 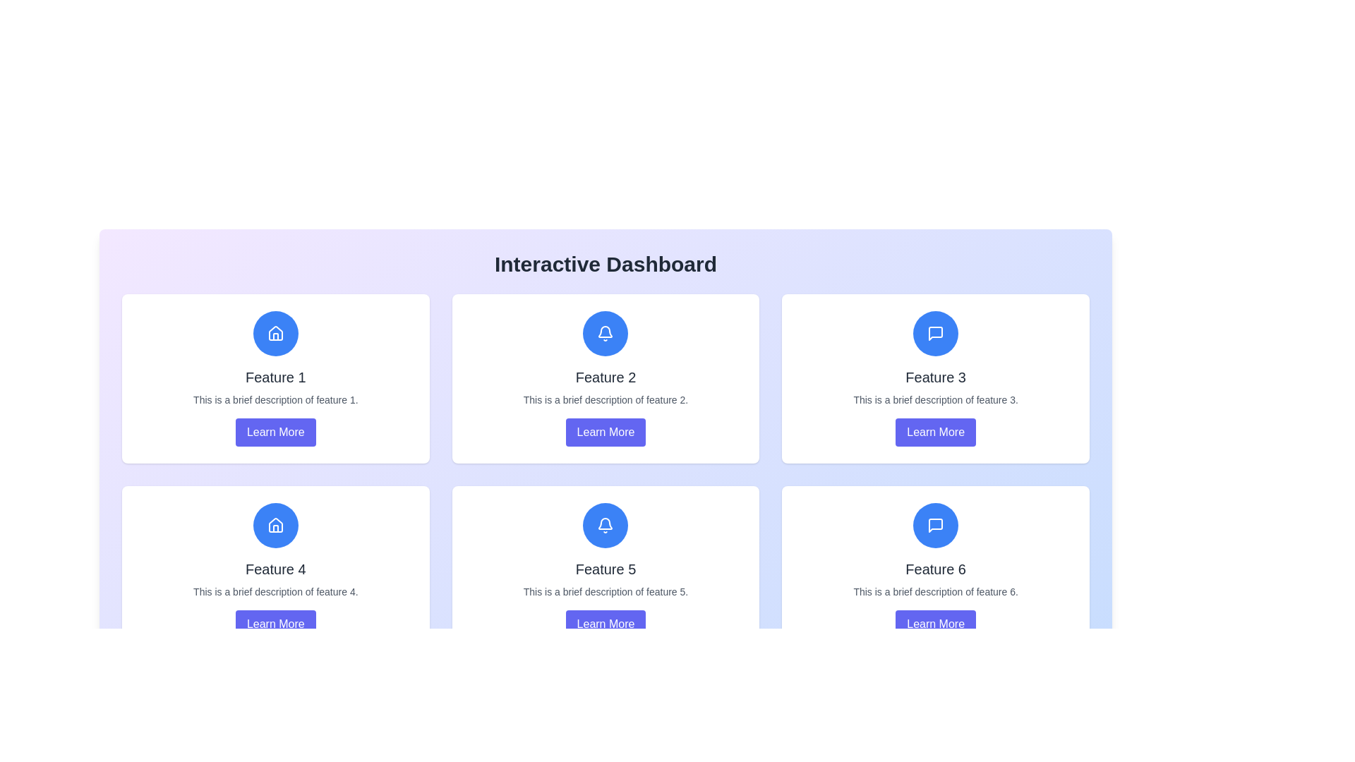 I want to click on descriptive text label providing additional information about 'Feature 2', located in the first row, second column of the grid layout, below the title 'Feature 2' and above the 'Learn More' button, so click(x=606, y=400).